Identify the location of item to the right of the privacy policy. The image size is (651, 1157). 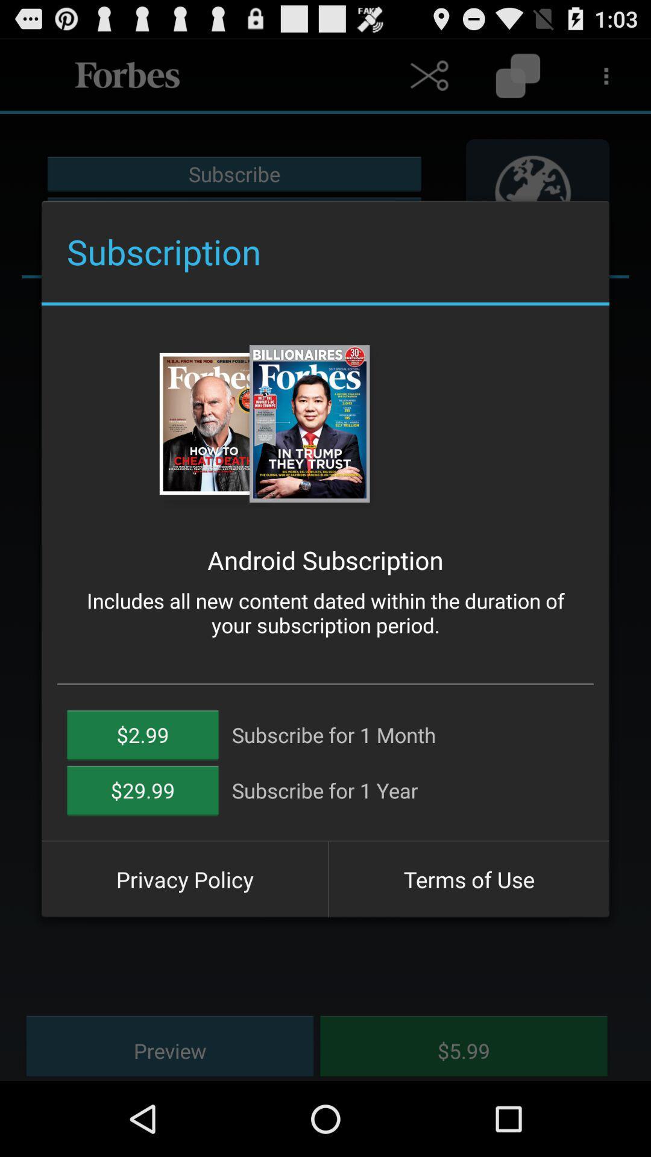
(468, 879).